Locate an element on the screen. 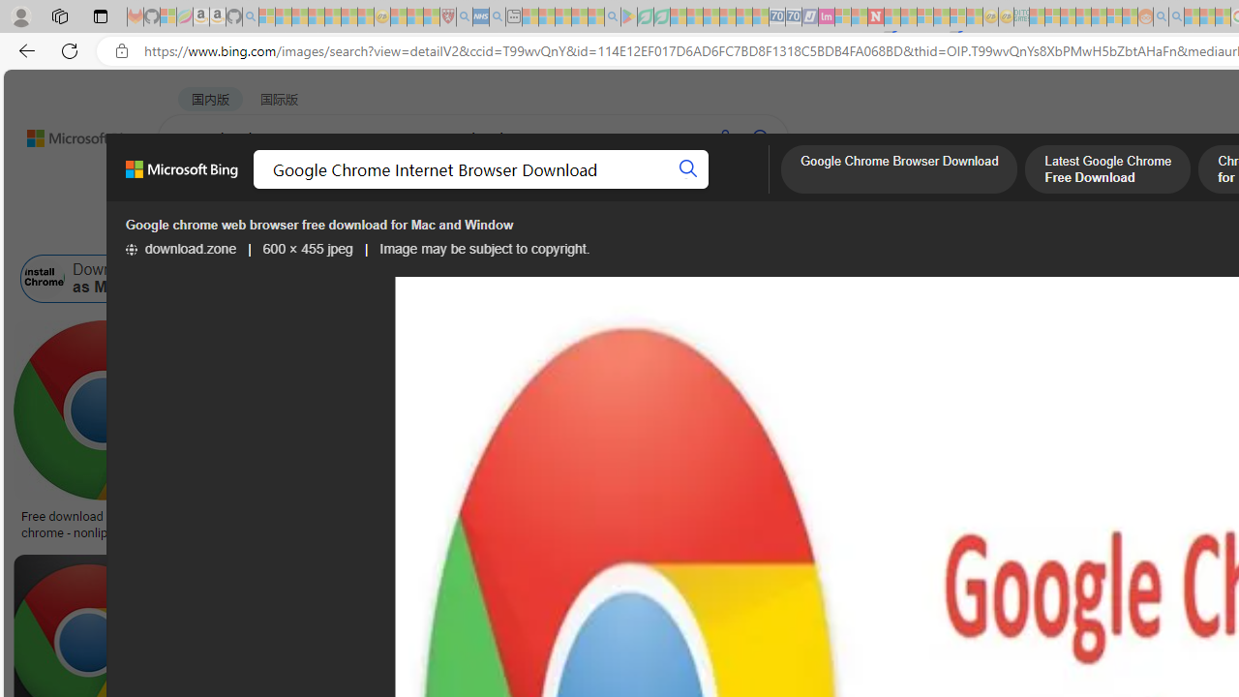 This screenshot has width=1239, height=697. 'Image may be subject to copyright.' is located at coordinates (485, 248).